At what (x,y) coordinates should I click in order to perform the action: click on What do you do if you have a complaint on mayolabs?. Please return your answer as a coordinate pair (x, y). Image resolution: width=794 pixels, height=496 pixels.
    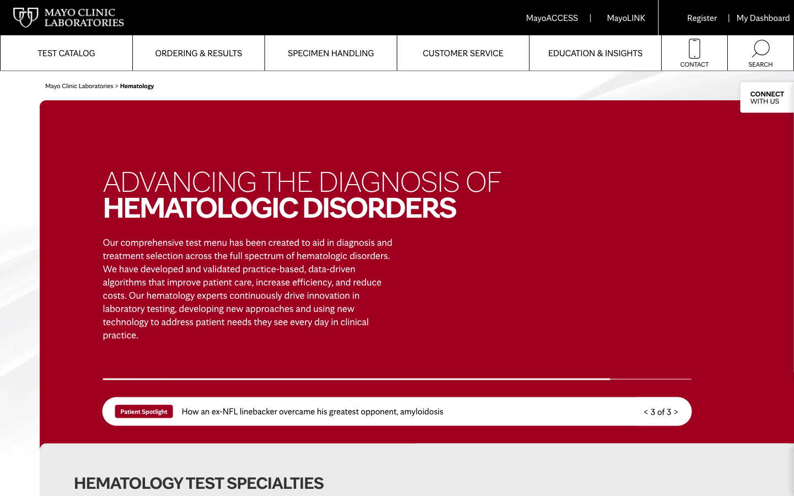
    Looking at the image, I should click on (463, 52).